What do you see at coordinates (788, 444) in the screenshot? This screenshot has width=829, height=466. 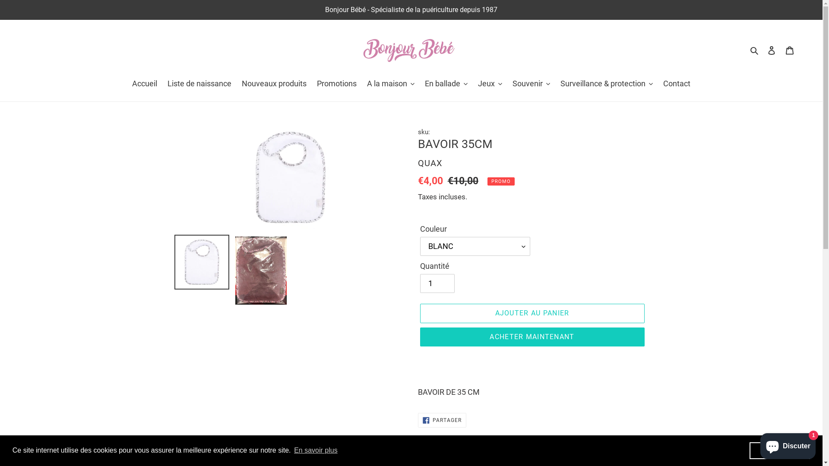 I see `'Chat de la boutique en ligne Shopify'` at bounding box center [788, 444].